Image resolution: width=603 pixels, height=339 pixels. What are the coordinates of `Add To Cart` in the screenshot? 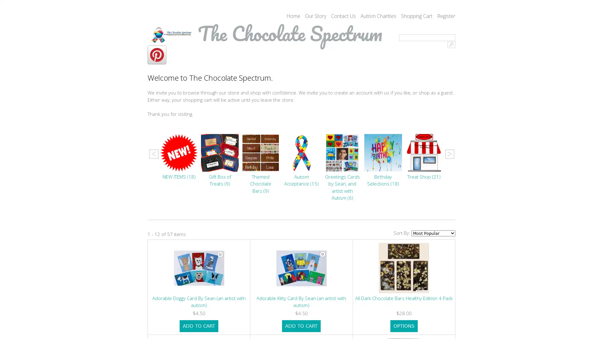 It's located at (198, 326).